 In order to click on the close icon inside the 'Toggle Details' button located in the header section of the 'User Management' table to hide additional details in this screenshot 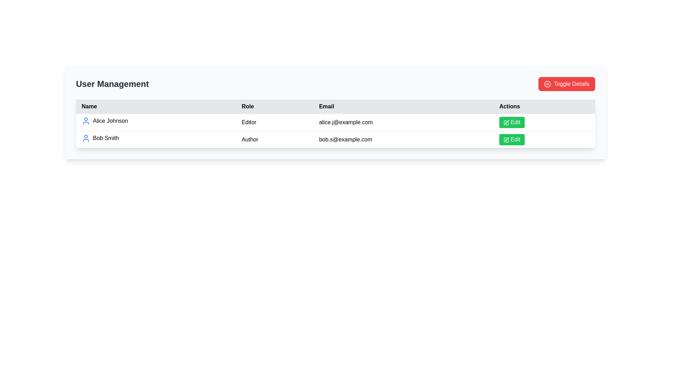, I will do `click(547, 84)`.